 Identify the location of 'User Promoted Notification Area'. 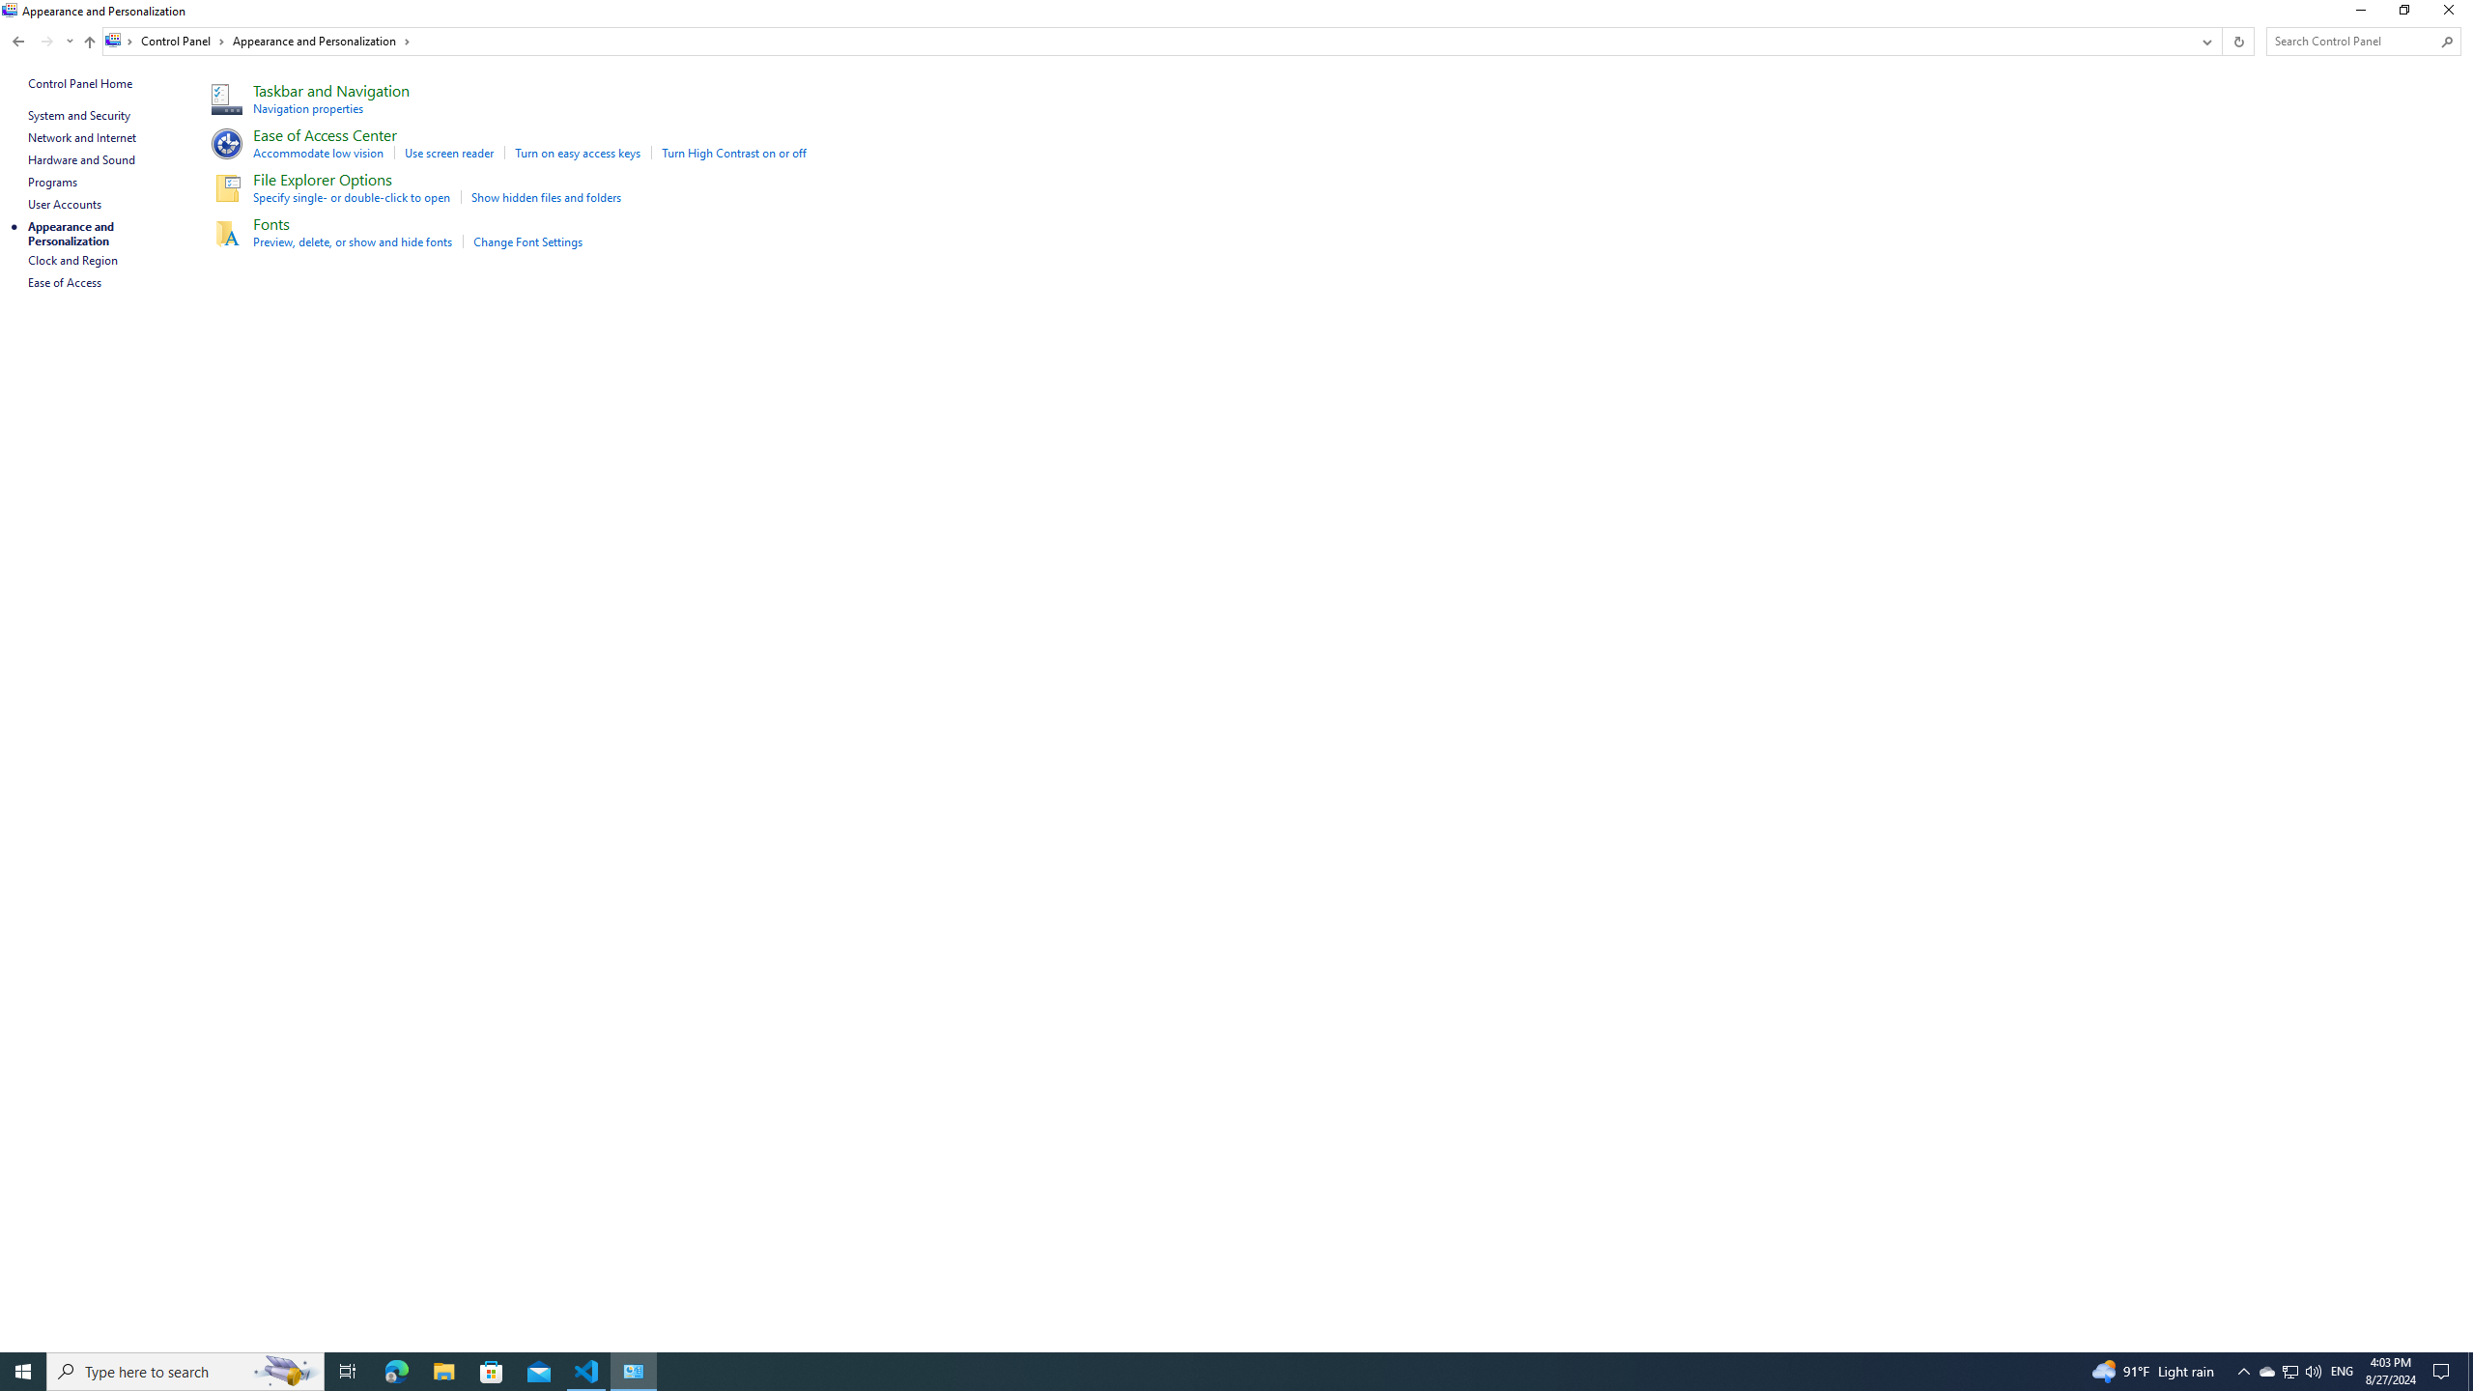
(2288, 1370).